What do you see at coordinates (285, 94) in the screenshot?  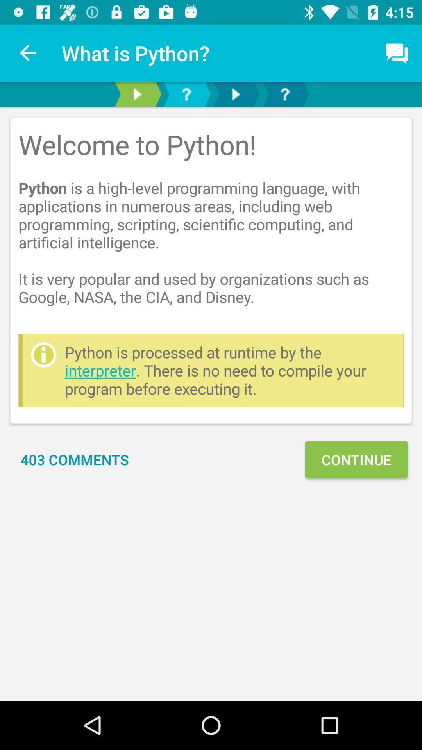 I see `see for help` at bounding box center [285, 94].